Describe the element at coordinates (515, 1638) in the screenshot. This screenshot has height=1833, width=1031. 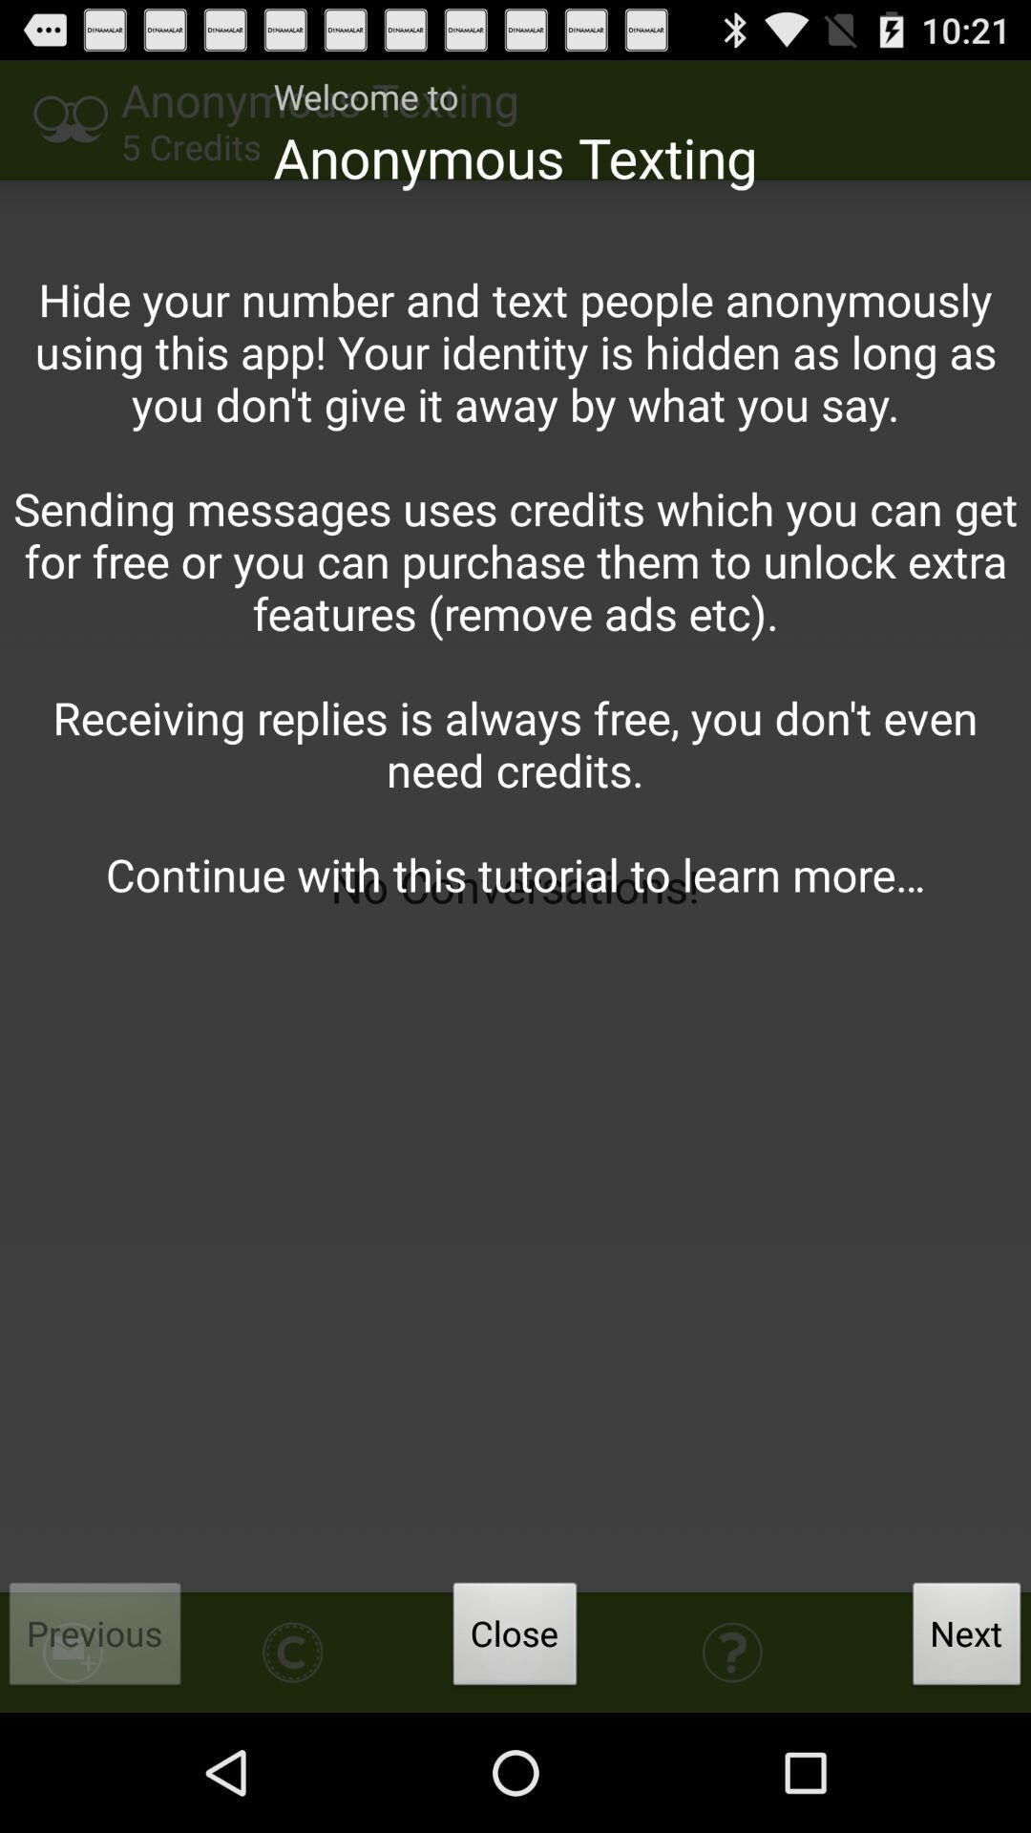
I see `button next to previous item` at that location.